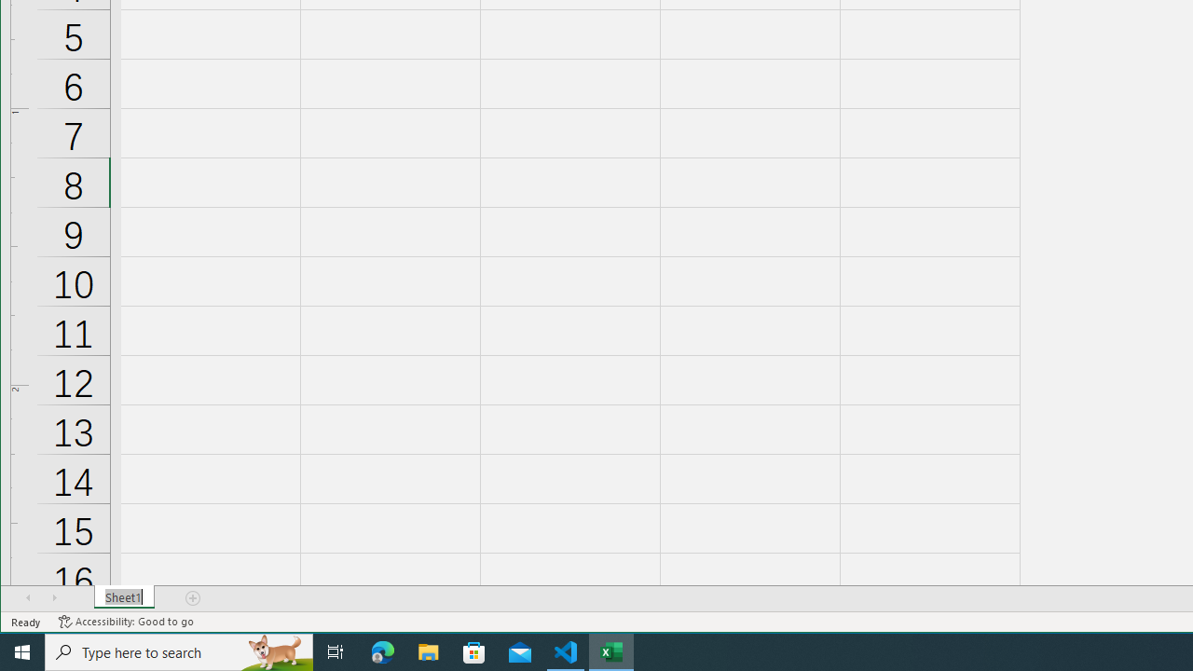  Describe the element at coordinates (22, 650) in the screenshot. I see `'Start'` at that location.